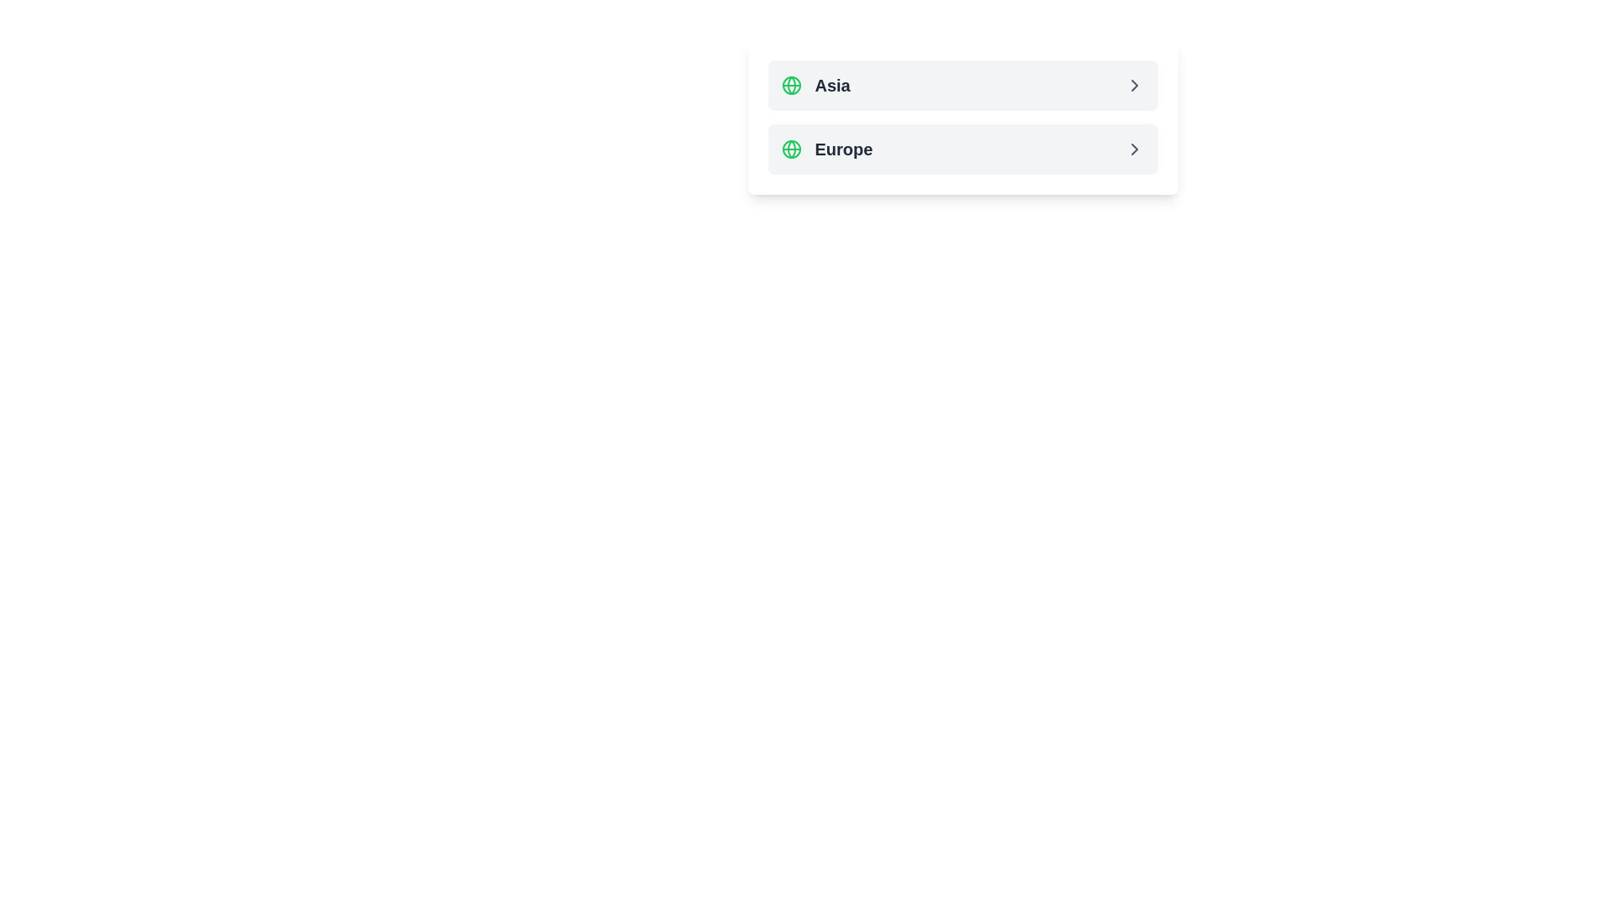 The image size is (1614, 907). Describe the element at coordinates (790, 148) in the screenshot. I see `the circular graphical component with a green stroke, part of the globe icon located to the left of the 'Asia' text in the top entry of a two-entry list` at that location.